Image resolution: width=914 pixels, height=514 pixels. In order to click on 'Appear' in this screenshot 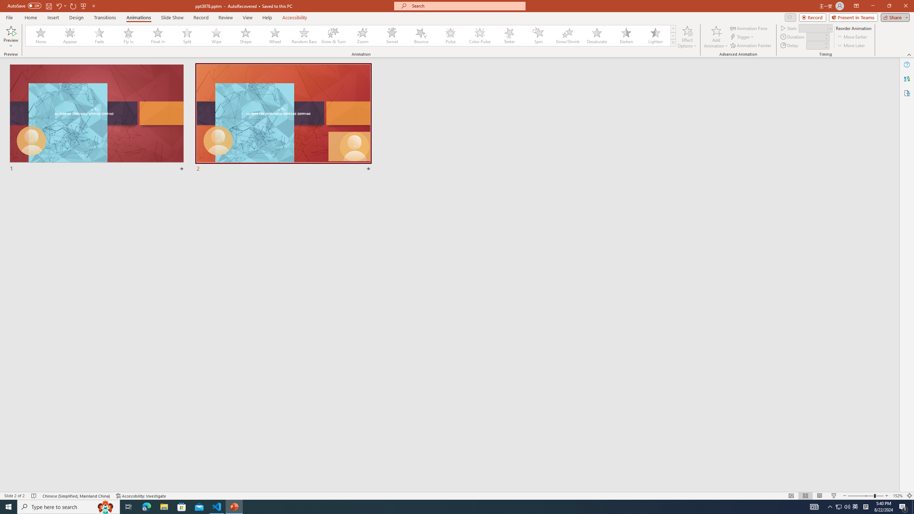, I will do `click(70, 35)`.